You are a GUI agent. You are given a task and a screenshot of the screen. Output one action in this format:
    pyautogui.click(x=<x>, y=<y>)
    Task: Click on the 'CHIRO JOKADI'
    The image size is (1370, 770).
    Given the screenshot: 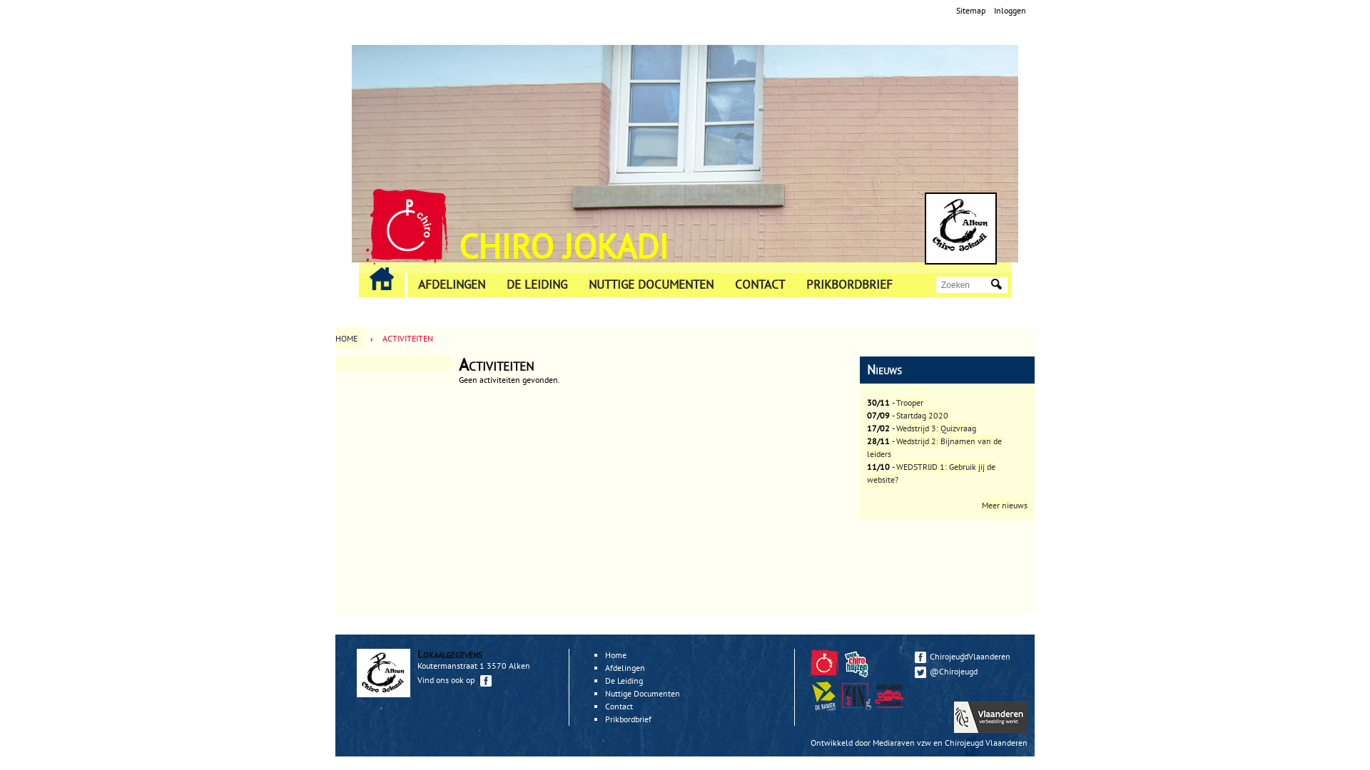 What is the action you would take?
    pyautogui.click(x=563, y=245)
    